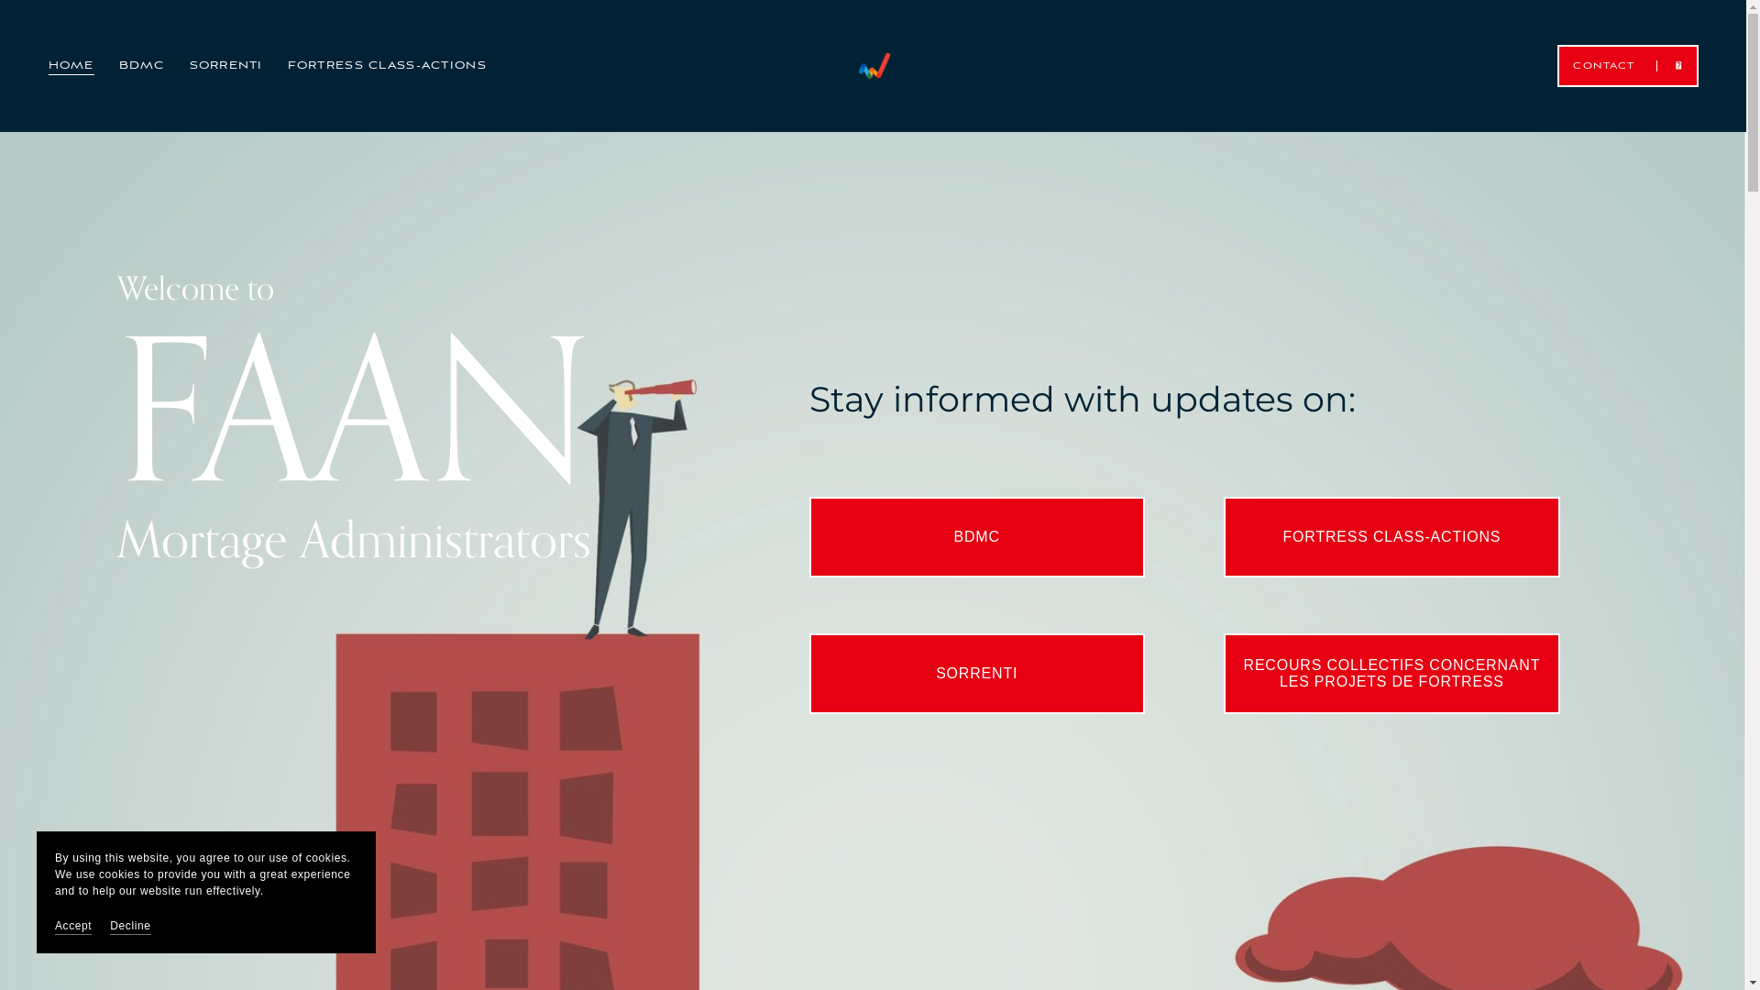 This screenshot has height=990, width=1760. Describe the element at coordinates (70, 64) in the screenshot. I see `'HOME'` at that location.